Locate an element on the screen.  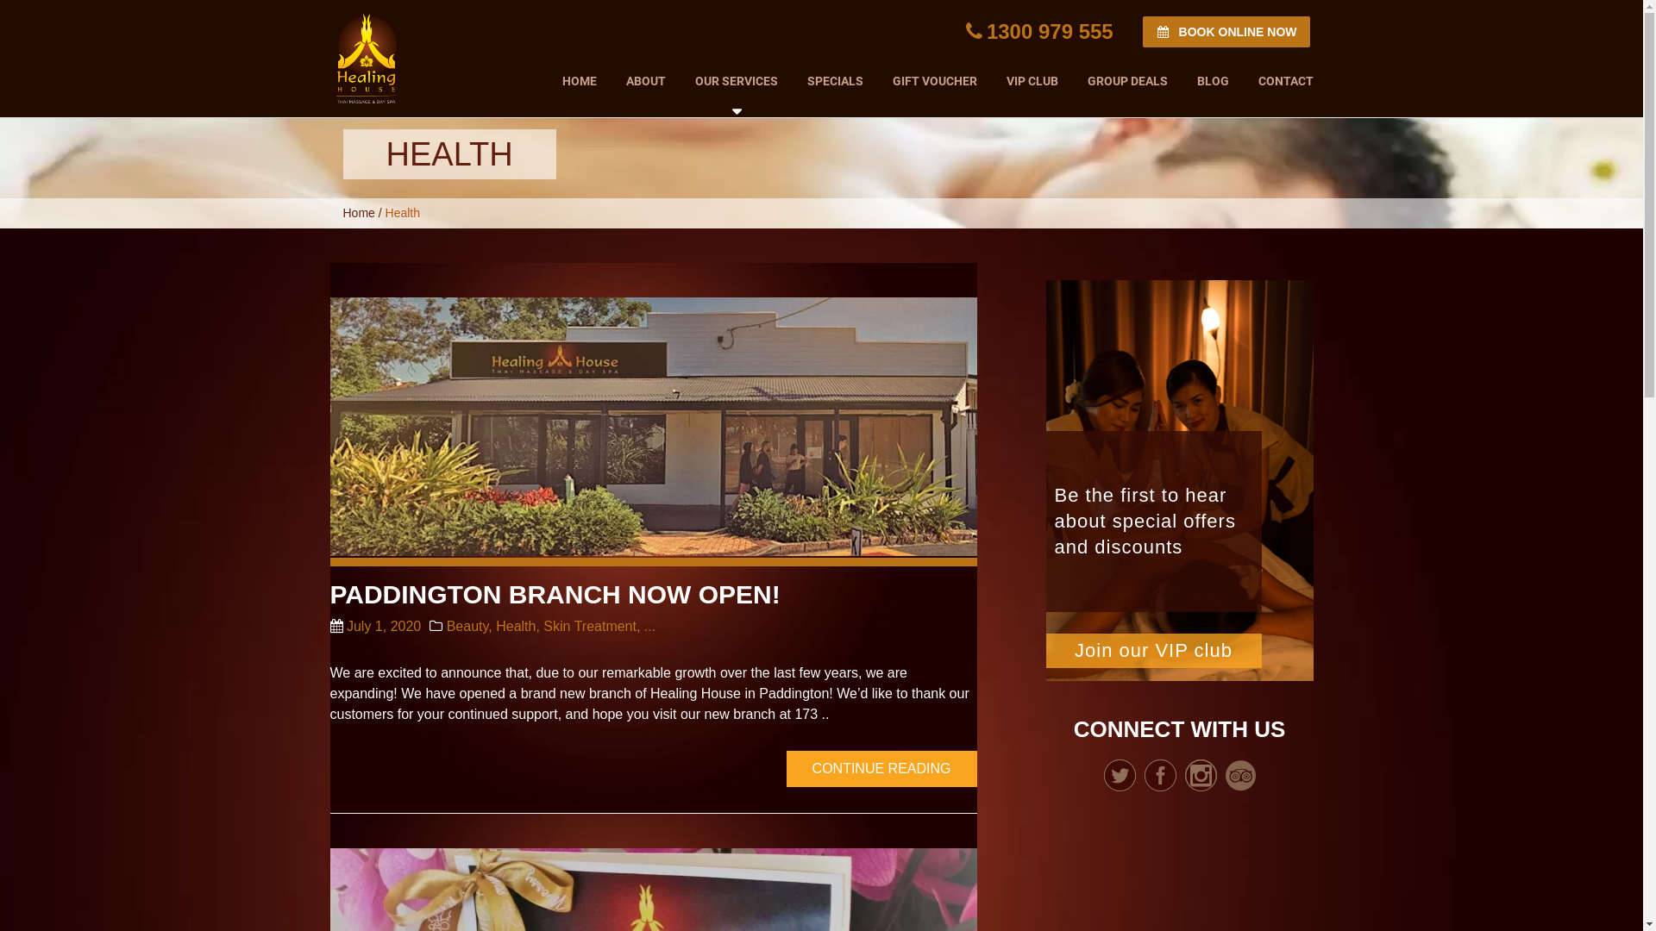
'ABOUT' is located at coordinates (644, 76).